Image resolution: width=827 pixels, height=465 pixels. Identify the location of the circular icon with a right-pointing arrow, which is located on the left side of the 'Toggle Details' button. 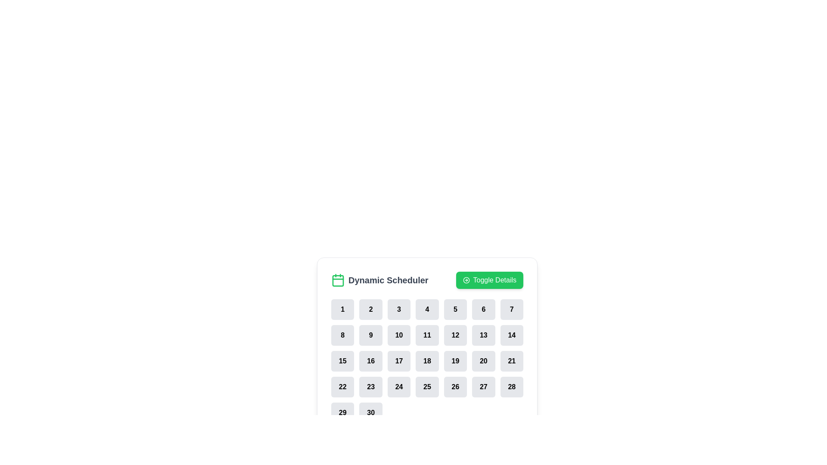
(466, 280).